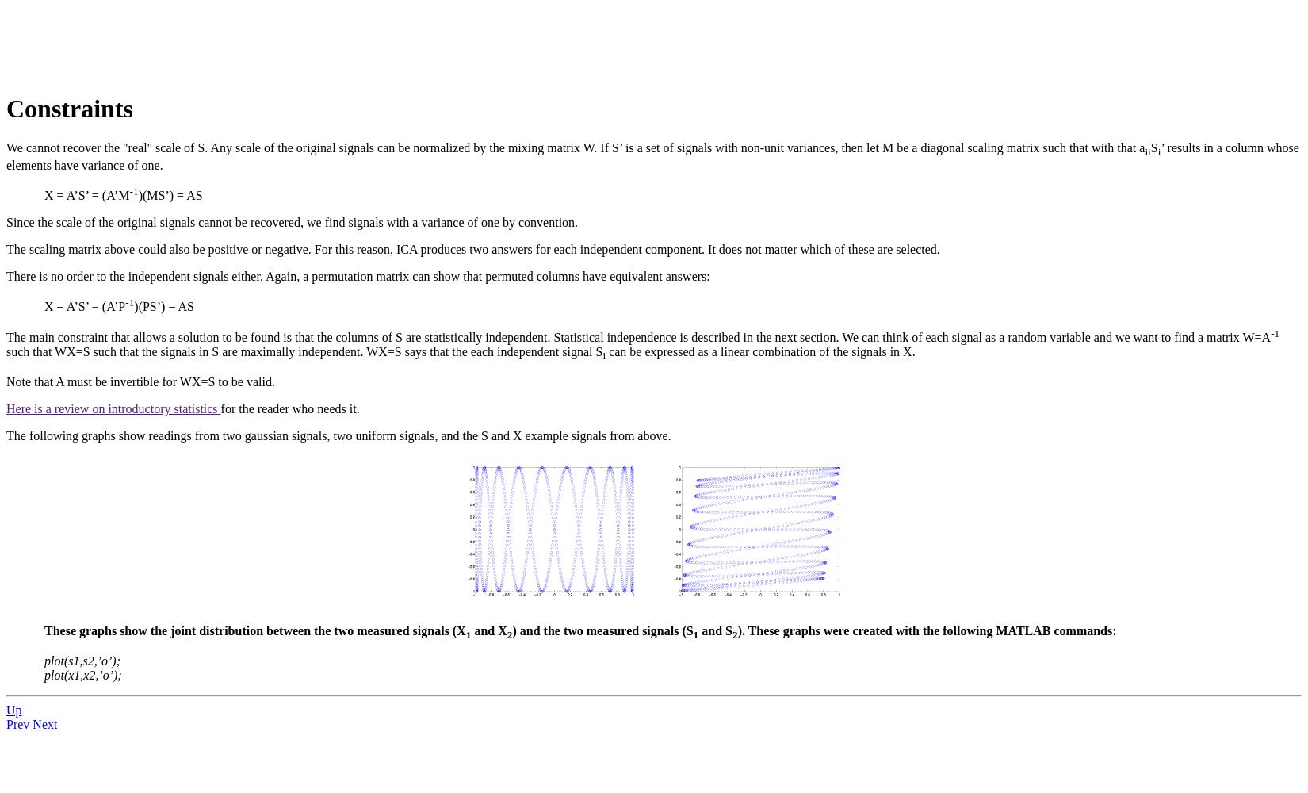  Describe the element at coordinates (82, 660) in the screenshot. I see `'plot(s1,s2,’o’);'` at that location.